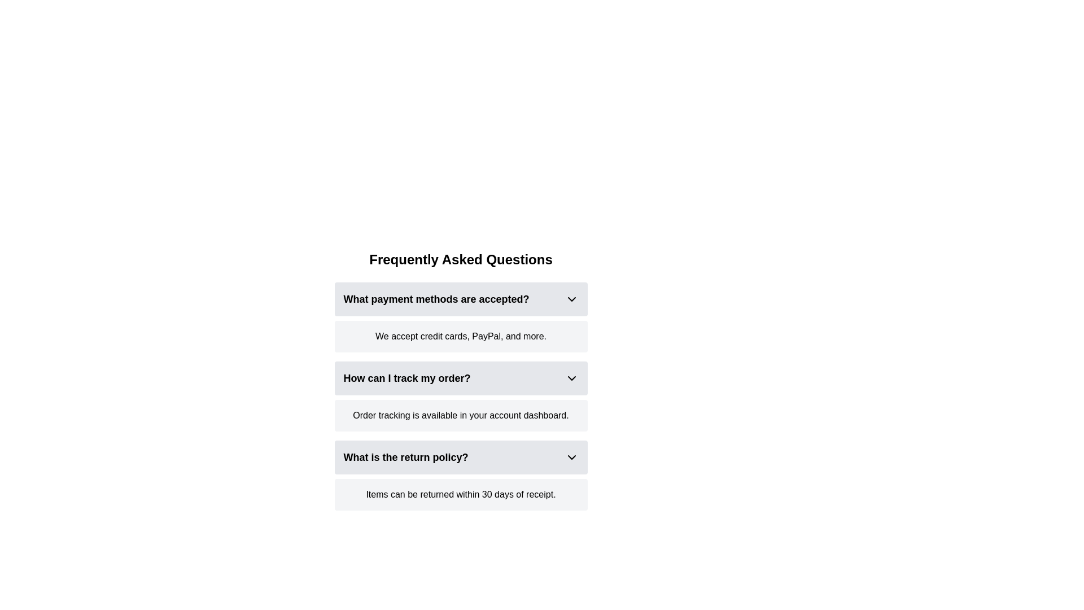  Describe the element at coordinates (461, 336) in the screenshot. I see `the Text Block that provides the answer to the question 'What payment methods are accepted?' in the FAQ section` at that location.